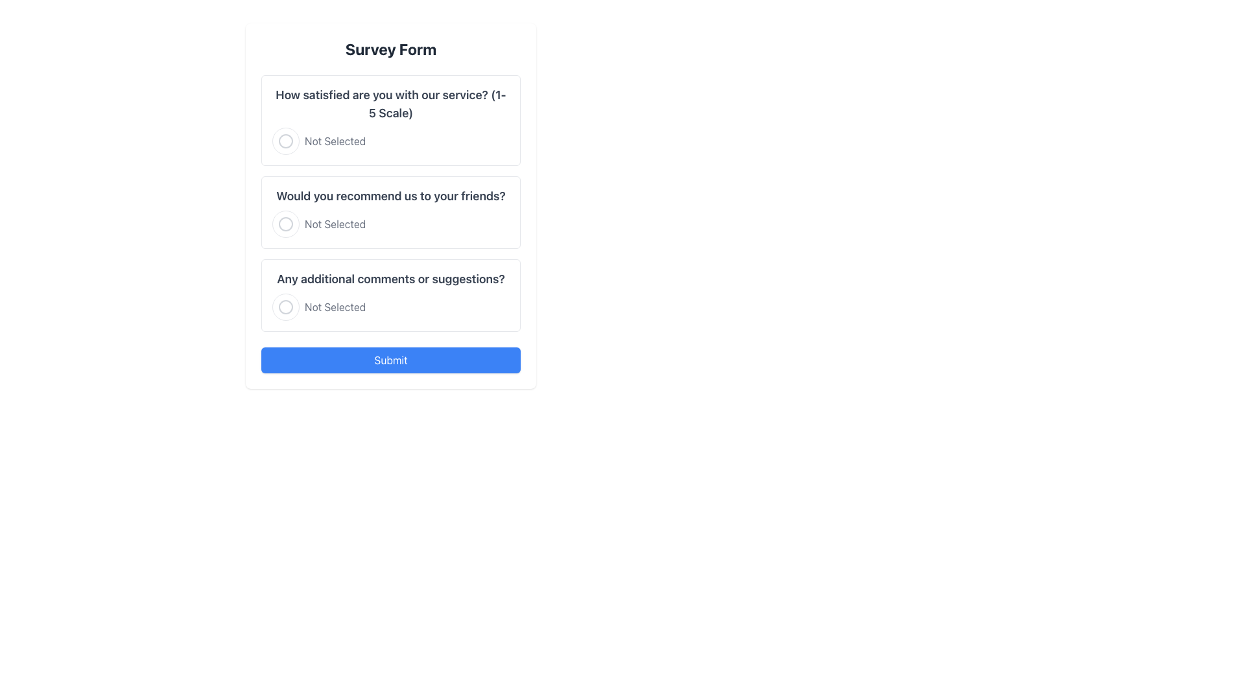 This screenshot has height=700, width=1245. Describe the element at coordinates (285, 141) in the screenshot. I see `the decorative graphic or icon located at the center of the circular clickable area for the first question titled 'How satisfied are you with our service? (1-5 Scale)' in the survey form` at that location.